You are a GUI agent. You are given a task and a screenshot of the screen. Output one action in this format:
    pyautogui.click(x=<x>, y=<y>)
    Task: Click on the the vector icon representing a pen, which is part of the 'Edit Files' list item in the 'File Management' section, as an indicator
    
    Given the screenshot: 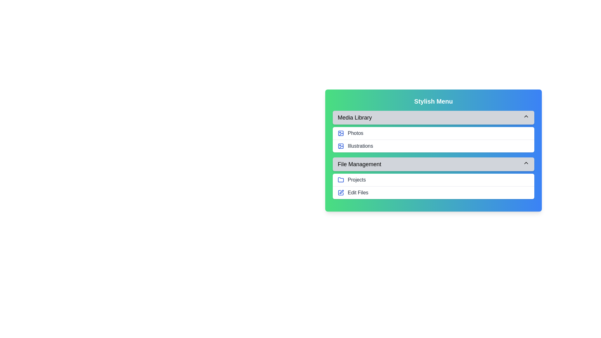 What is the action you would take?
    pyautogui.click(x=341, y=192)
    